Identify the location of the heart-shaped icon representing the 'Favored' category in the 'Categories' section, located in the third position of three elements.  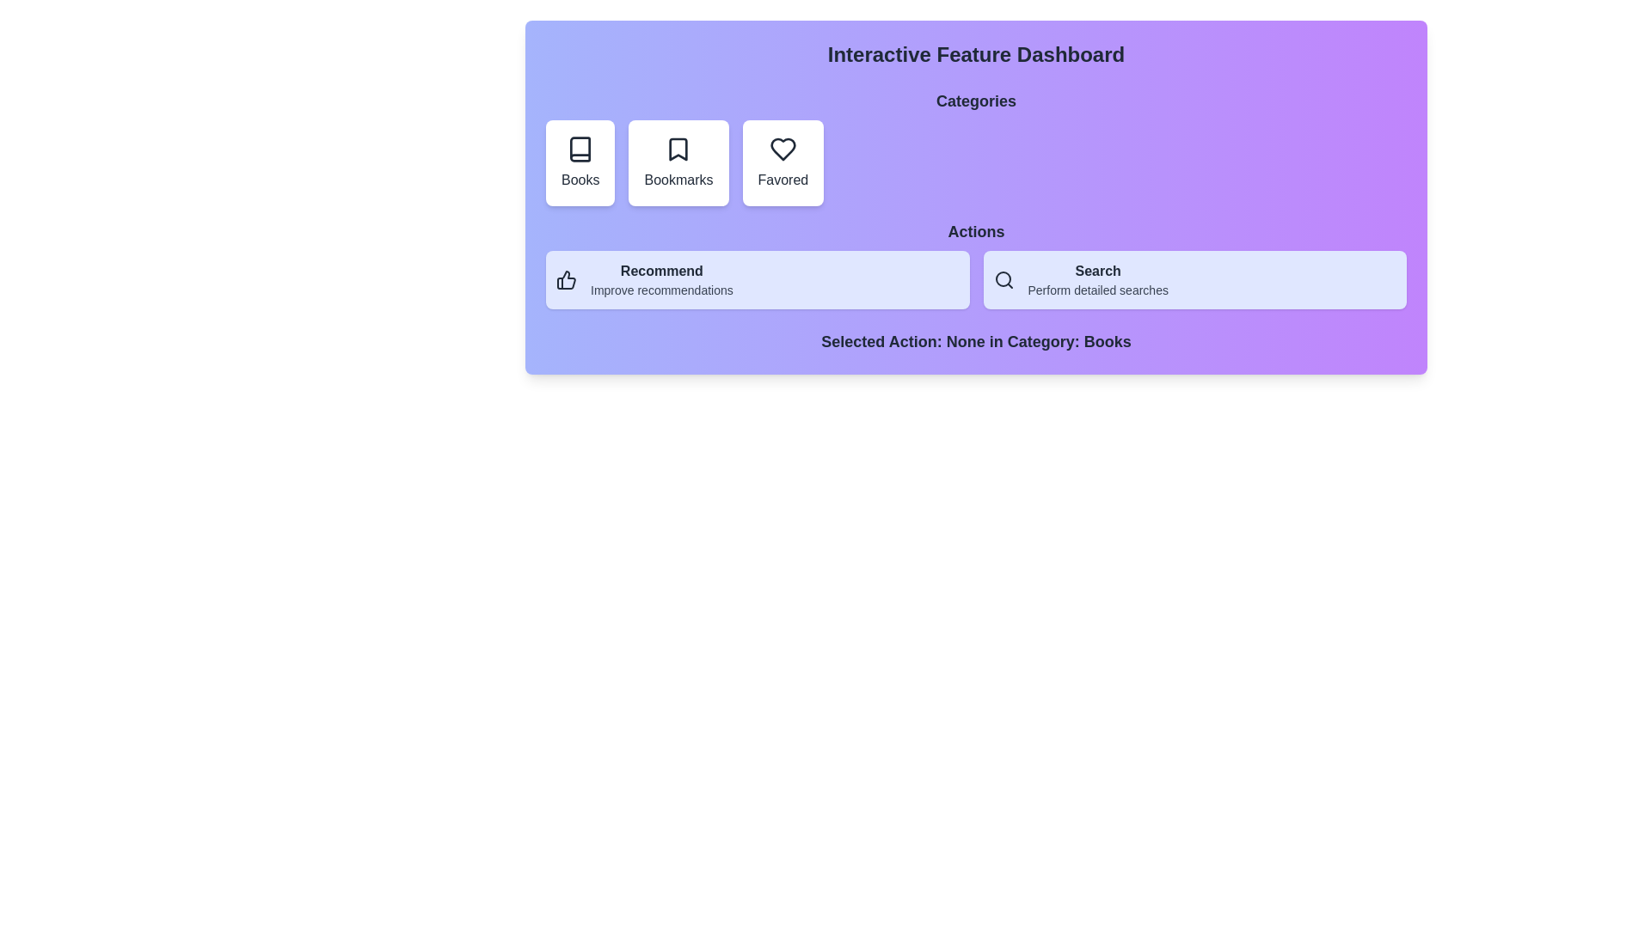
(782, 148).